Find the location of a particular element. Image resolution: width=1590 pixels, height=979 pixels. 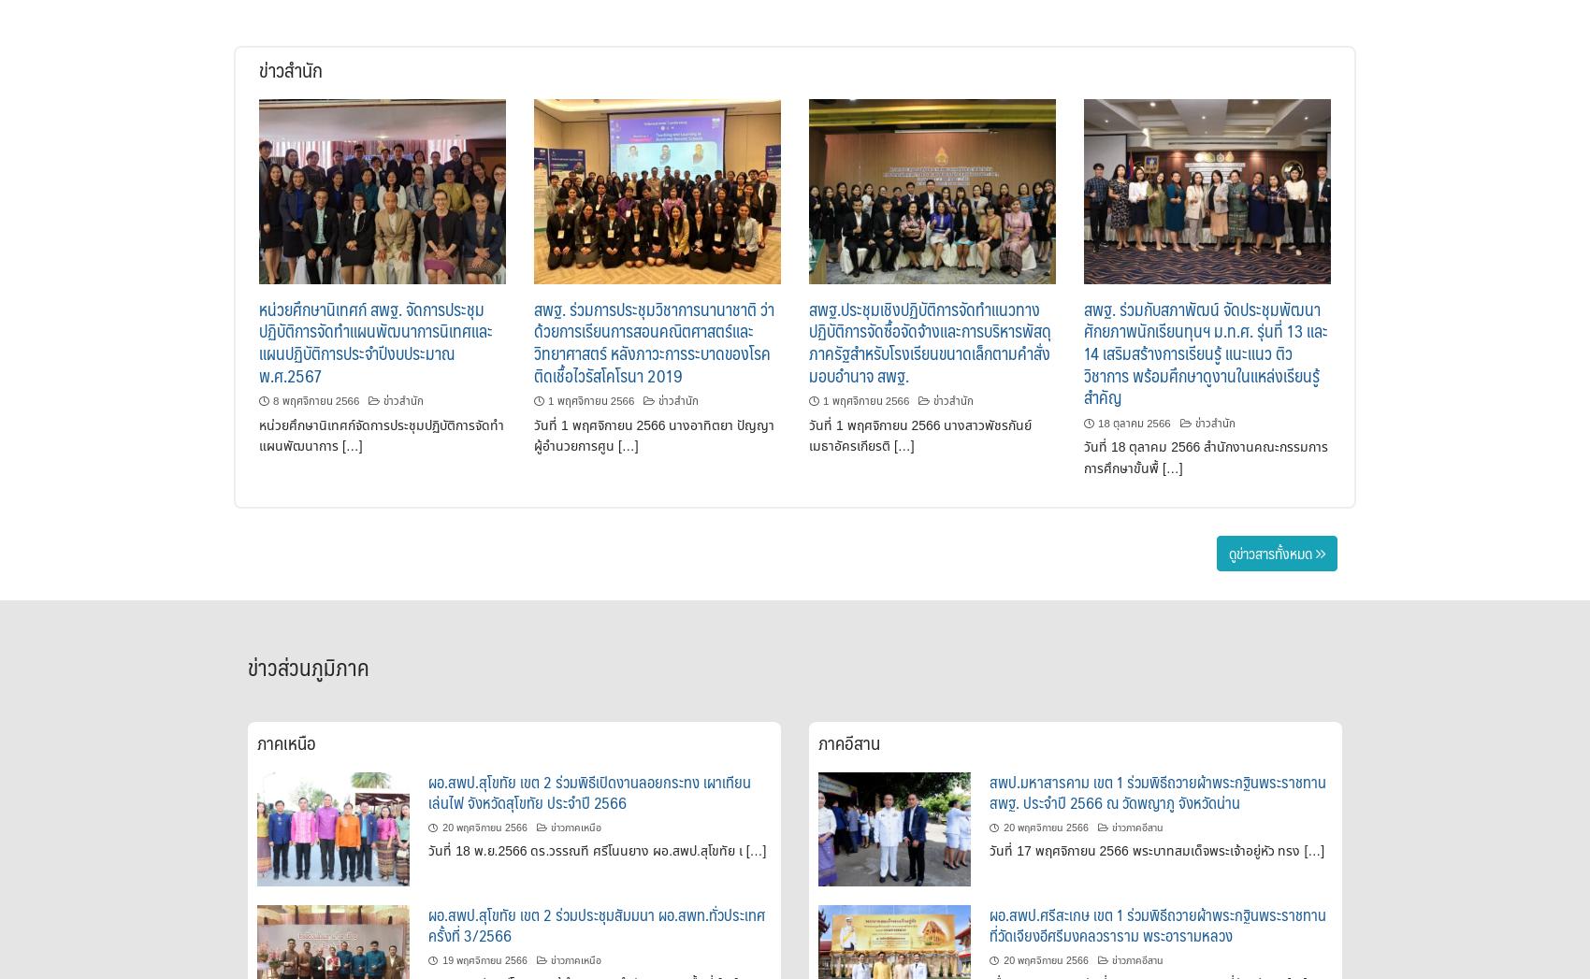

'สพฐ.ประชุมเชิงปฏิบัติการจัดทำแนวทางปฏิบัติการจัดซื้อจัดจ้างและการบริหารพัสดุภาครัฐสำหรับโรงเรียนขนาดเล็กตามคำสั่งมอบอำนาจ สพฐ.' is located at coordinates (929, 340).